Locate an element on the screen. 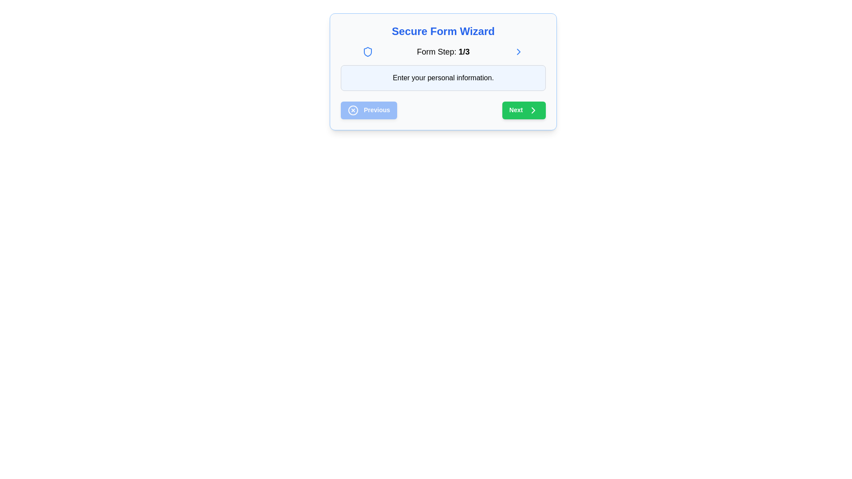 This screenshot has height=479, width=852. the Text with icons (progress identifier) that indicates the current step of the multi-step form, located below 'Secure Form Wizard' and above 'Enter your personal information.' is located at coordinates (443, 51).